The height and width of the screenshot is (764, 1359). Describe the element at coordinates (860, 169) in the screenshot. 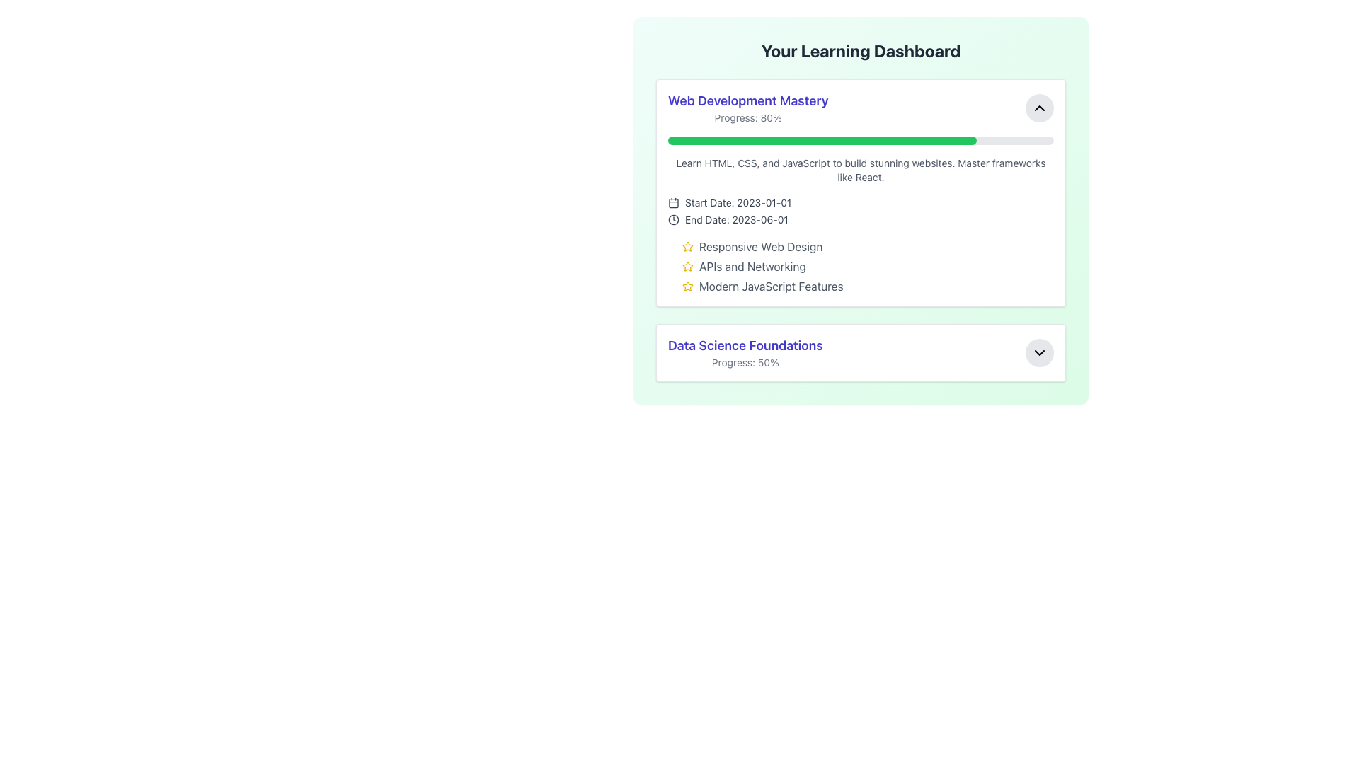

I see `gray-colored text description that says 'Learn HTML, CSS, and JavaScript to build stunning websites. Master frameworks like React.' located within the panel labeled 'Web Development Mastery' below the progress bar` at that location.